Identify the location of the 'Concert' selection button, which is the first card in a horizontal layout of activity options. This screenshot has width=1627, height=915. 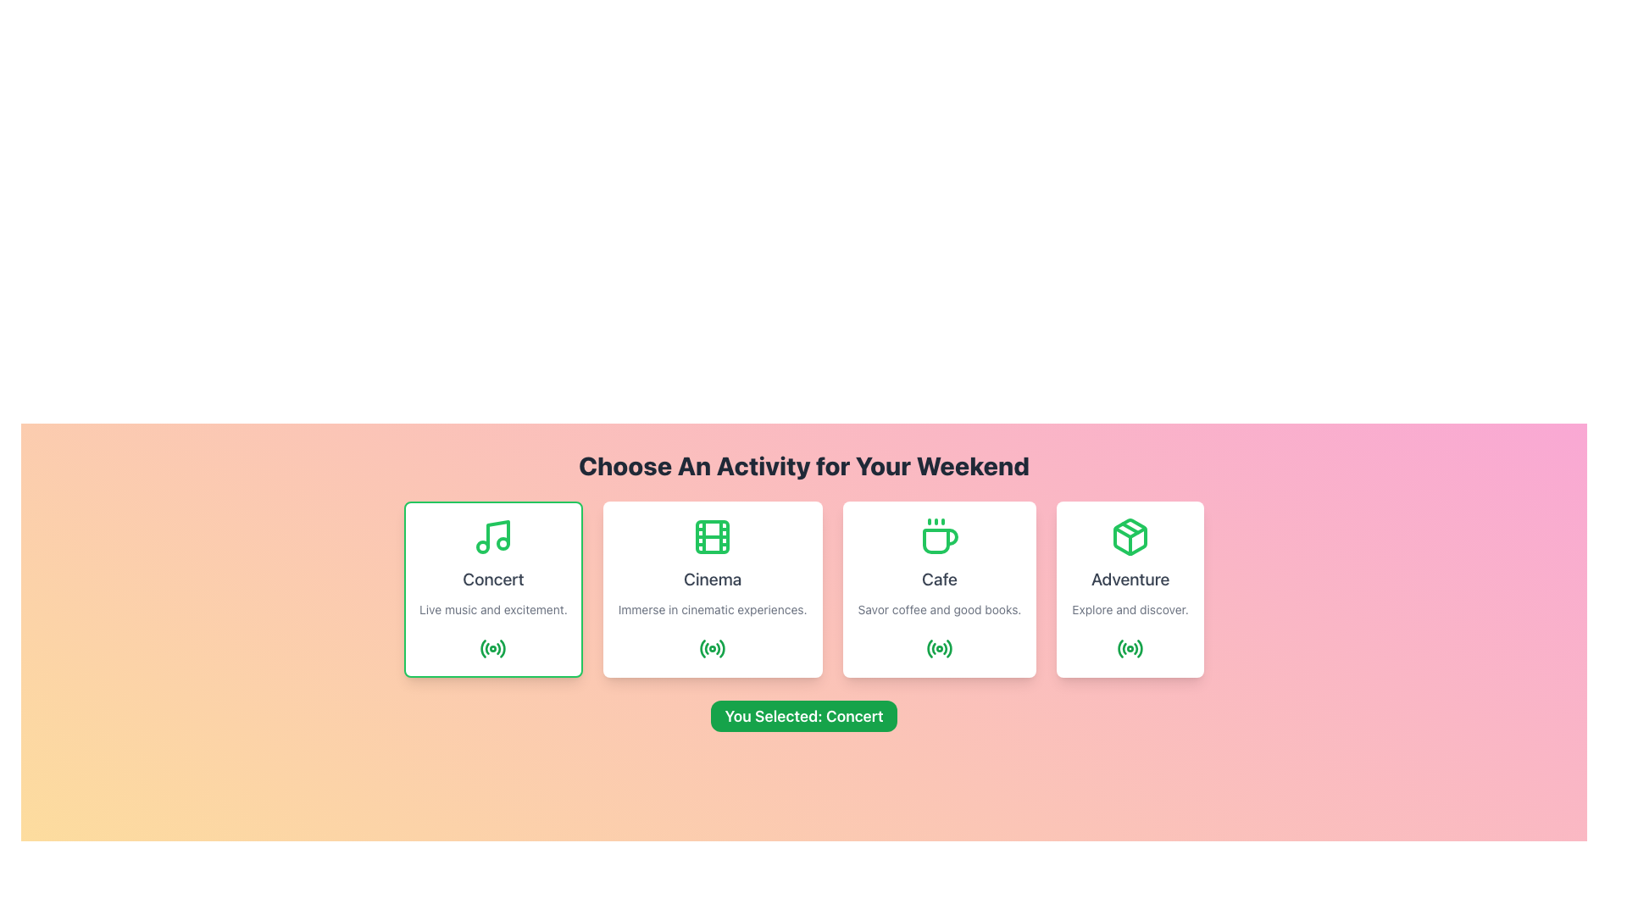
(492, 588).